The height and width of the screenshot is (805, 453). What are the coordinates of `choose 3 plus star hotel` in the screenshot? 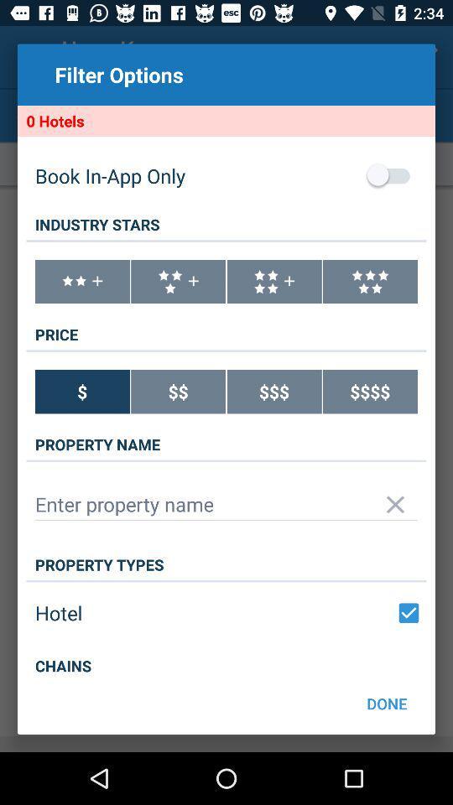 It's located at (177, 282).